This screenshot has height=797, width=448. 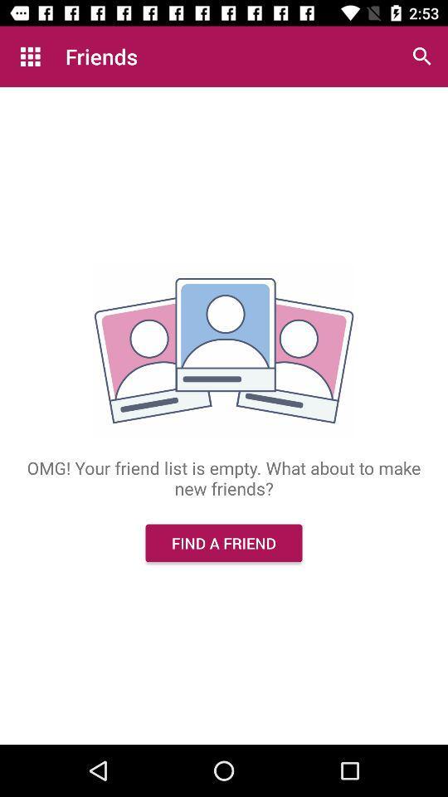 What do you see at coordinates (224, 542) in the screenshot?
I see `the item below omg your friend icon` at bounding box center [224, 542].